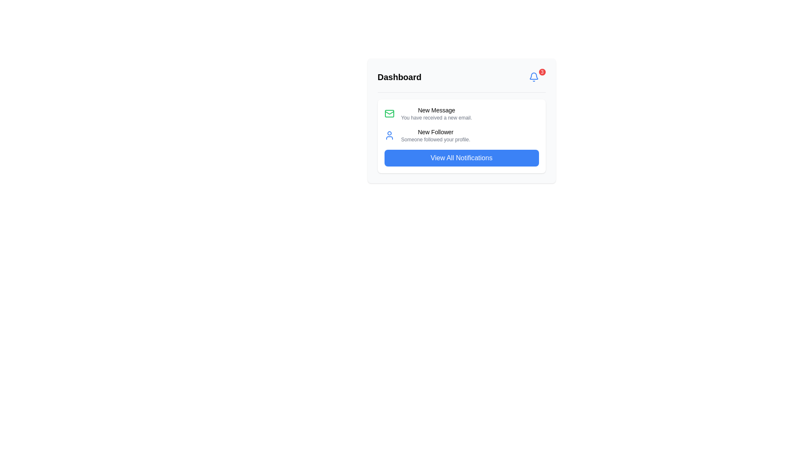 The height and width of the screenshot is (453, 806). What do you see at coordinates (389, 135) in the screenshot?
I see `the small circular user icon with blue outline located to the left of the 'New Follower' text` at bounding box center [389, 135].